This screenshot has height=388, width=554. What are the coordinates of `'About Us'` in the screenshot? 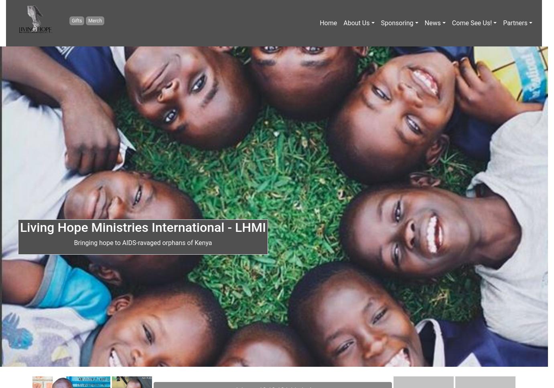 It's located at (356, 22).